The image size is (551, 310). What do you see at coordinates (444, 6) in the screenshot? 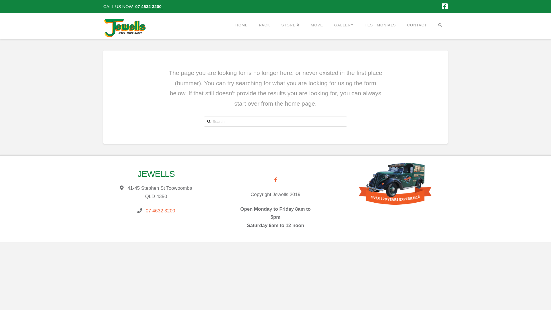
I see `'Facebook'` at bounding box center [444, 6].